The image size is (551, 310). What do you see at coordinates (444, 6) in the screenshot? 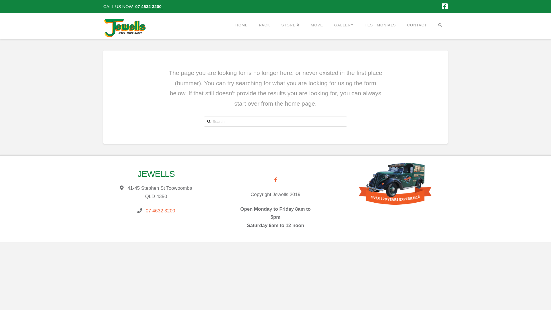
I see `'Facebook'` at bounding box center [444, 6].